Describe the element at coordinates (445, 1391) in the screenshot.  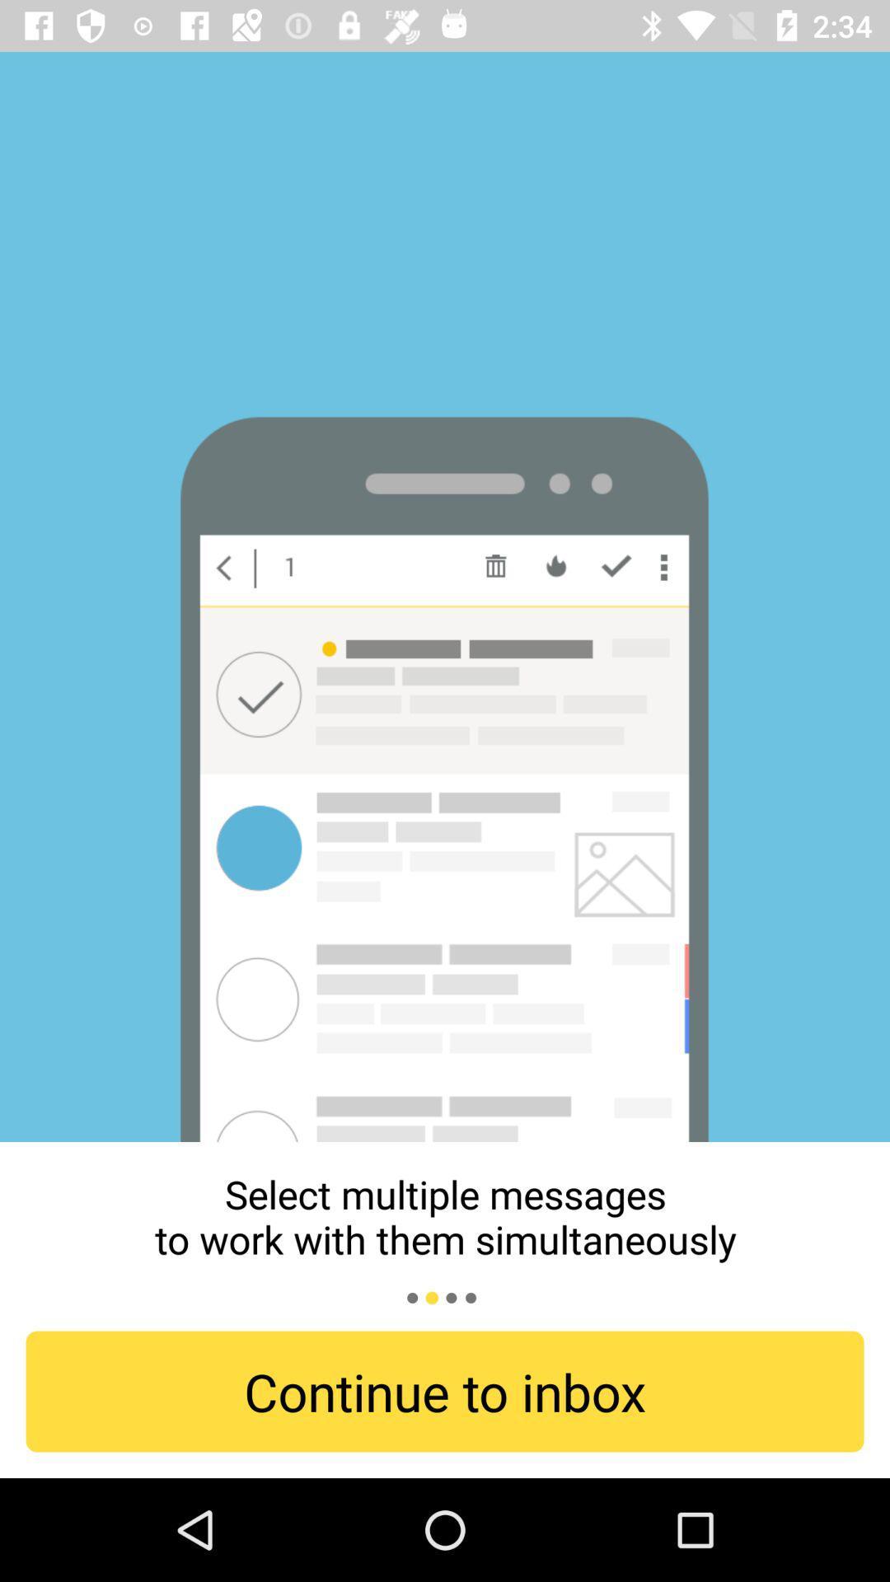
I see `continue to inbox item` at that location.